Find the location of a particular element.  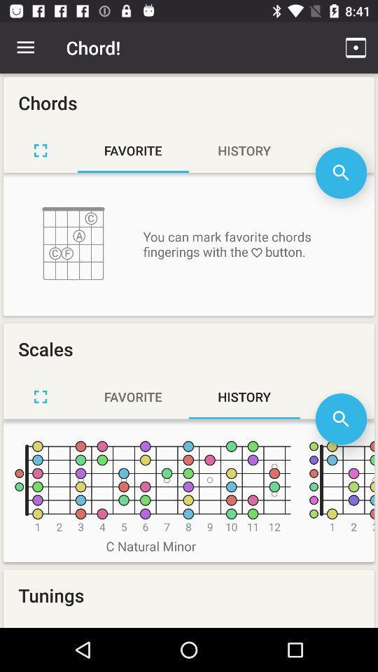

chord view is located at coordinates (41, 150).